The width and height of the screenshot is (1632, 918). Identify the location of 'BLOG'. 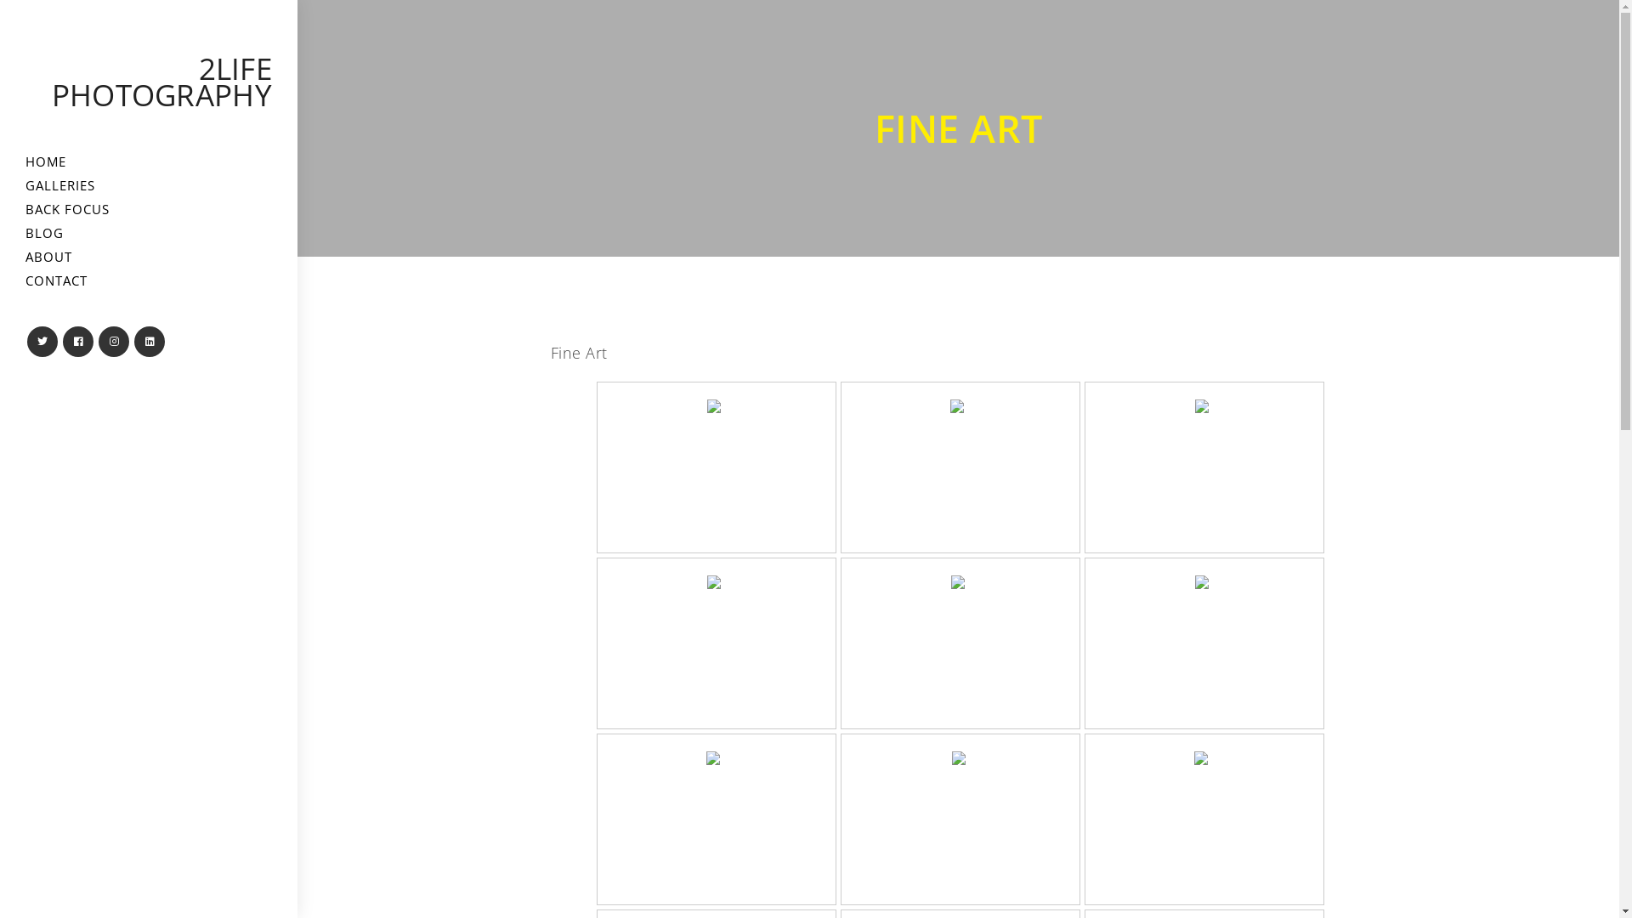
(148, 233).